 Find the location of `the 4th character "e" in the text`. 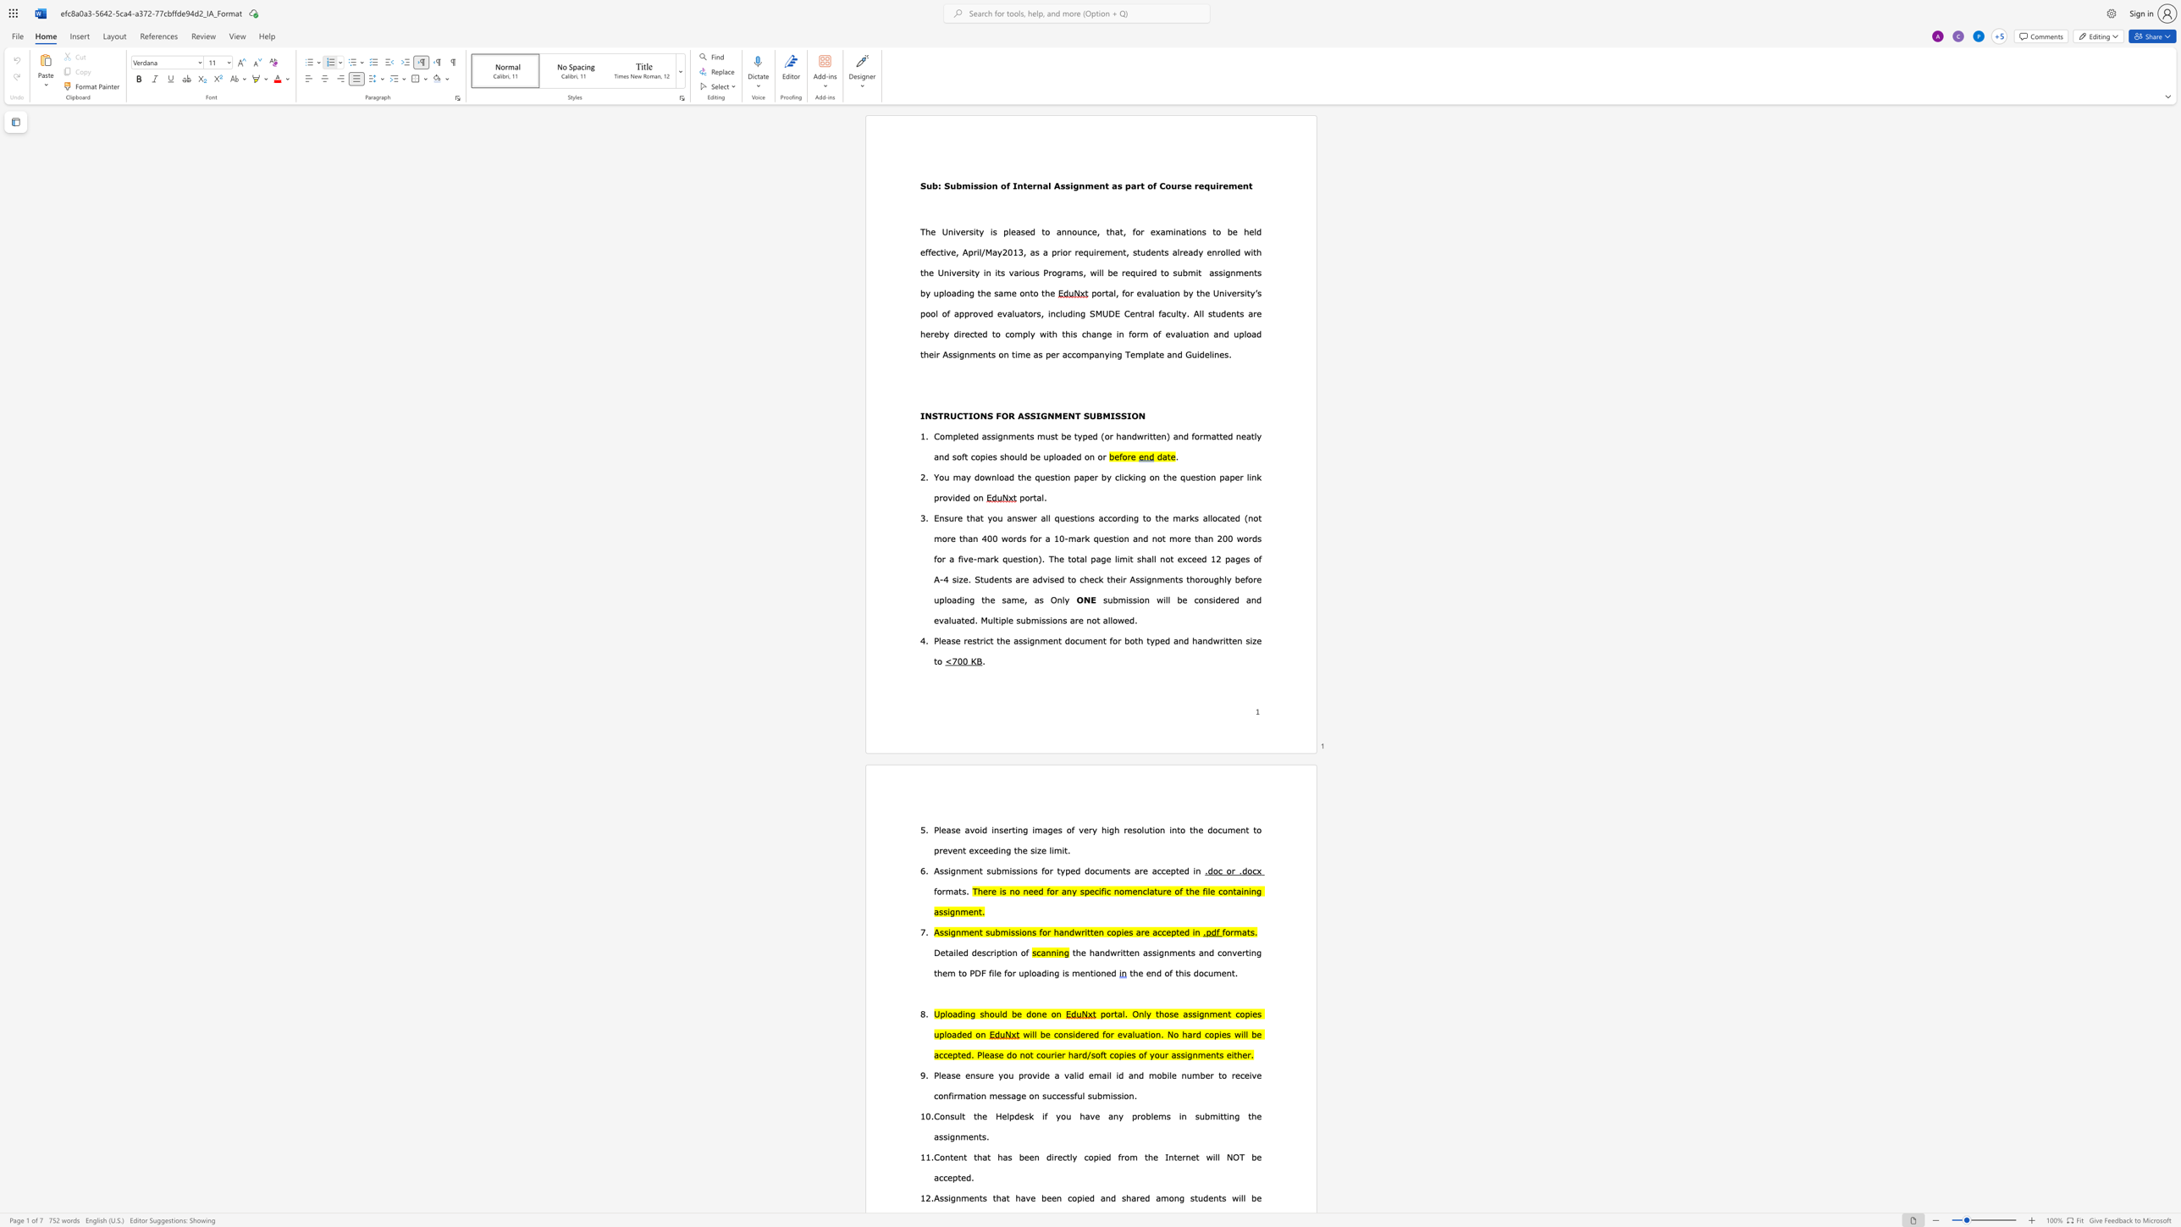

the 4th character "e" in the text is located at coordinates (990, 850).